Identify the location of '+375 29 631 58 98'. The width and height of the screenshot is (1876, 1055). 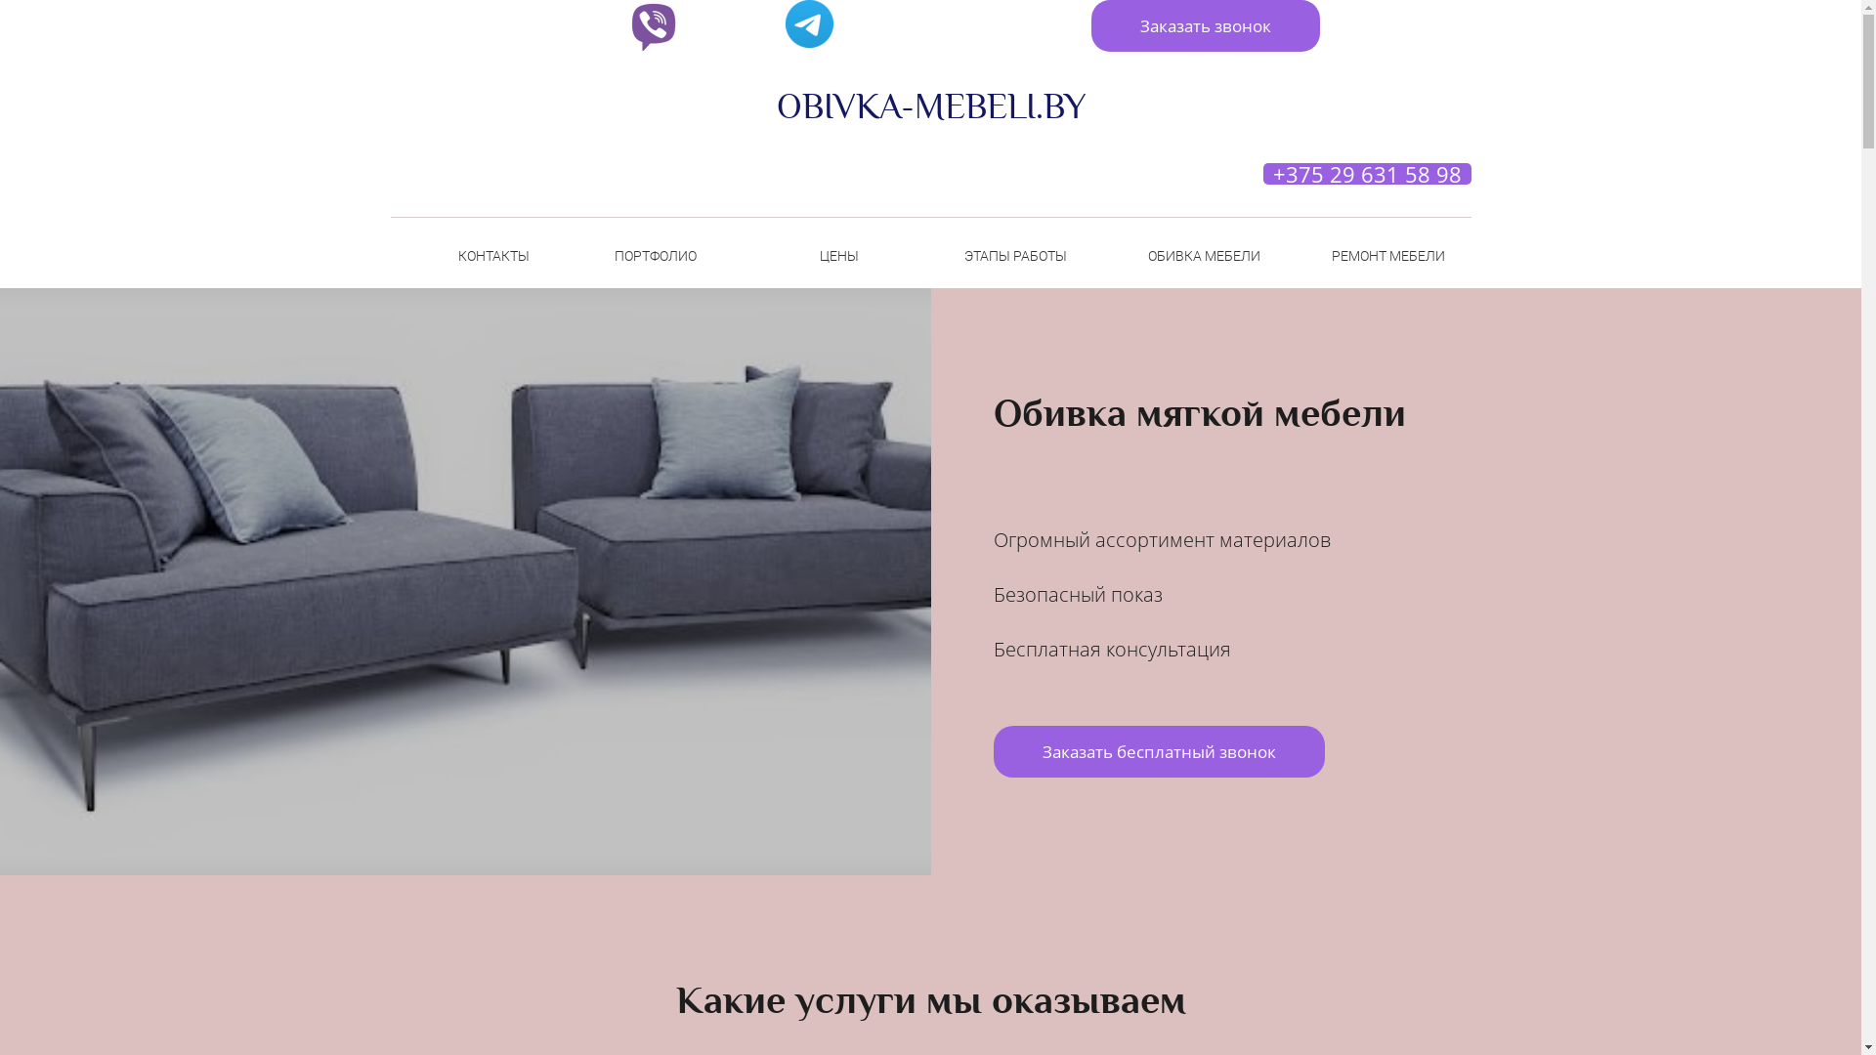
(1365, 172).